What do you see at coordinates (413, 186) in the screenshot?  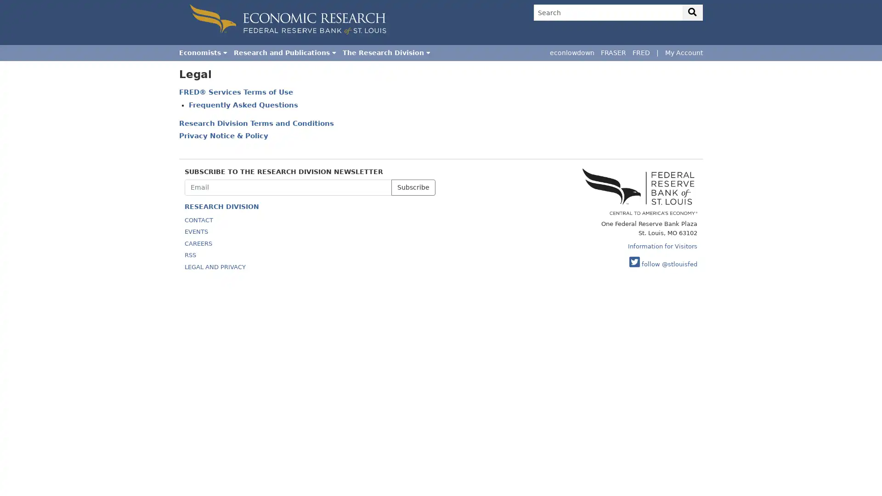 I see `Subscribe` at bounding box center [413, 186].